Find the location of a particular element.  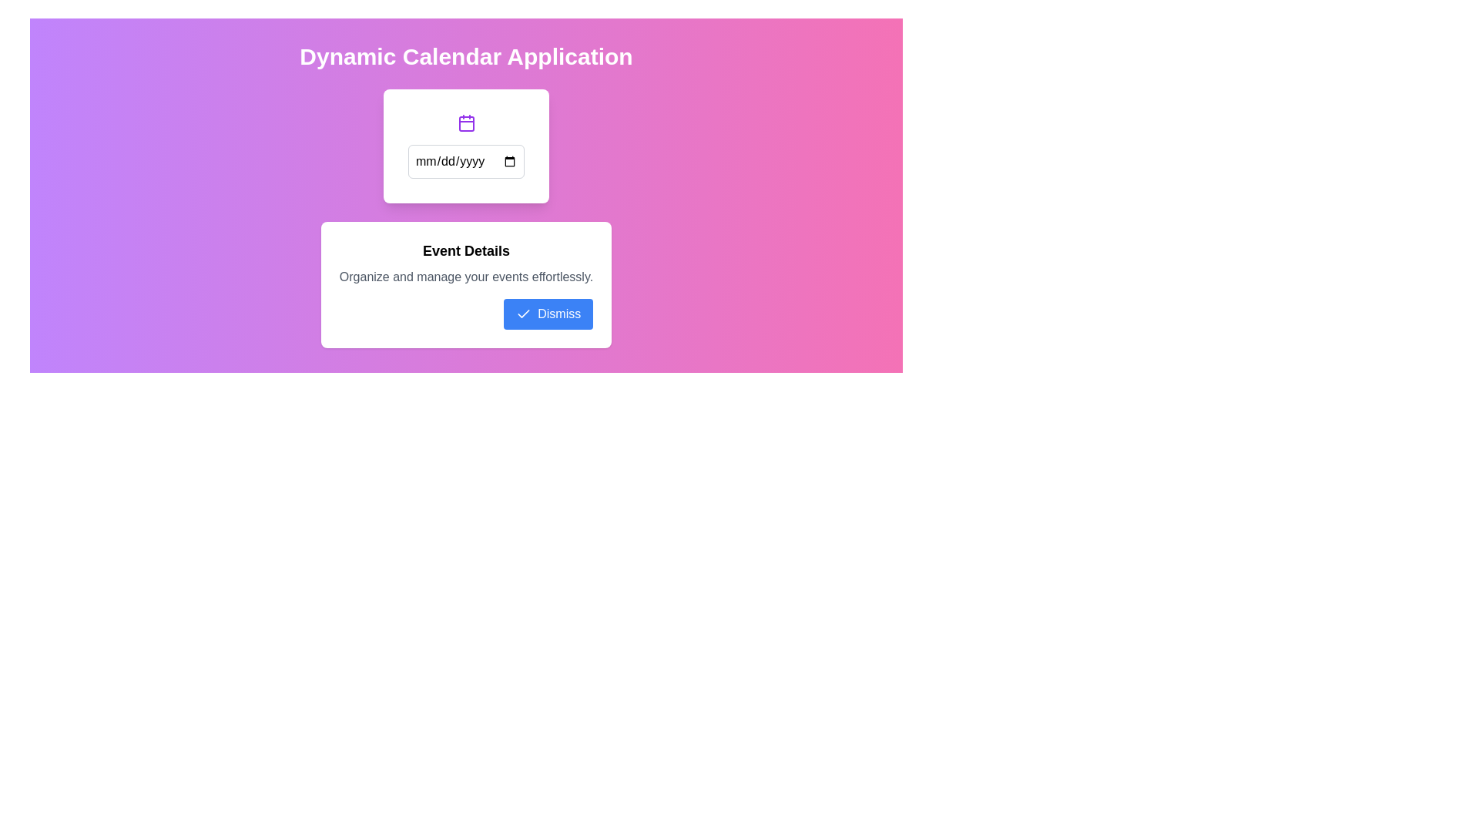

the Date Selector Component is located at coordinates (465, 146).